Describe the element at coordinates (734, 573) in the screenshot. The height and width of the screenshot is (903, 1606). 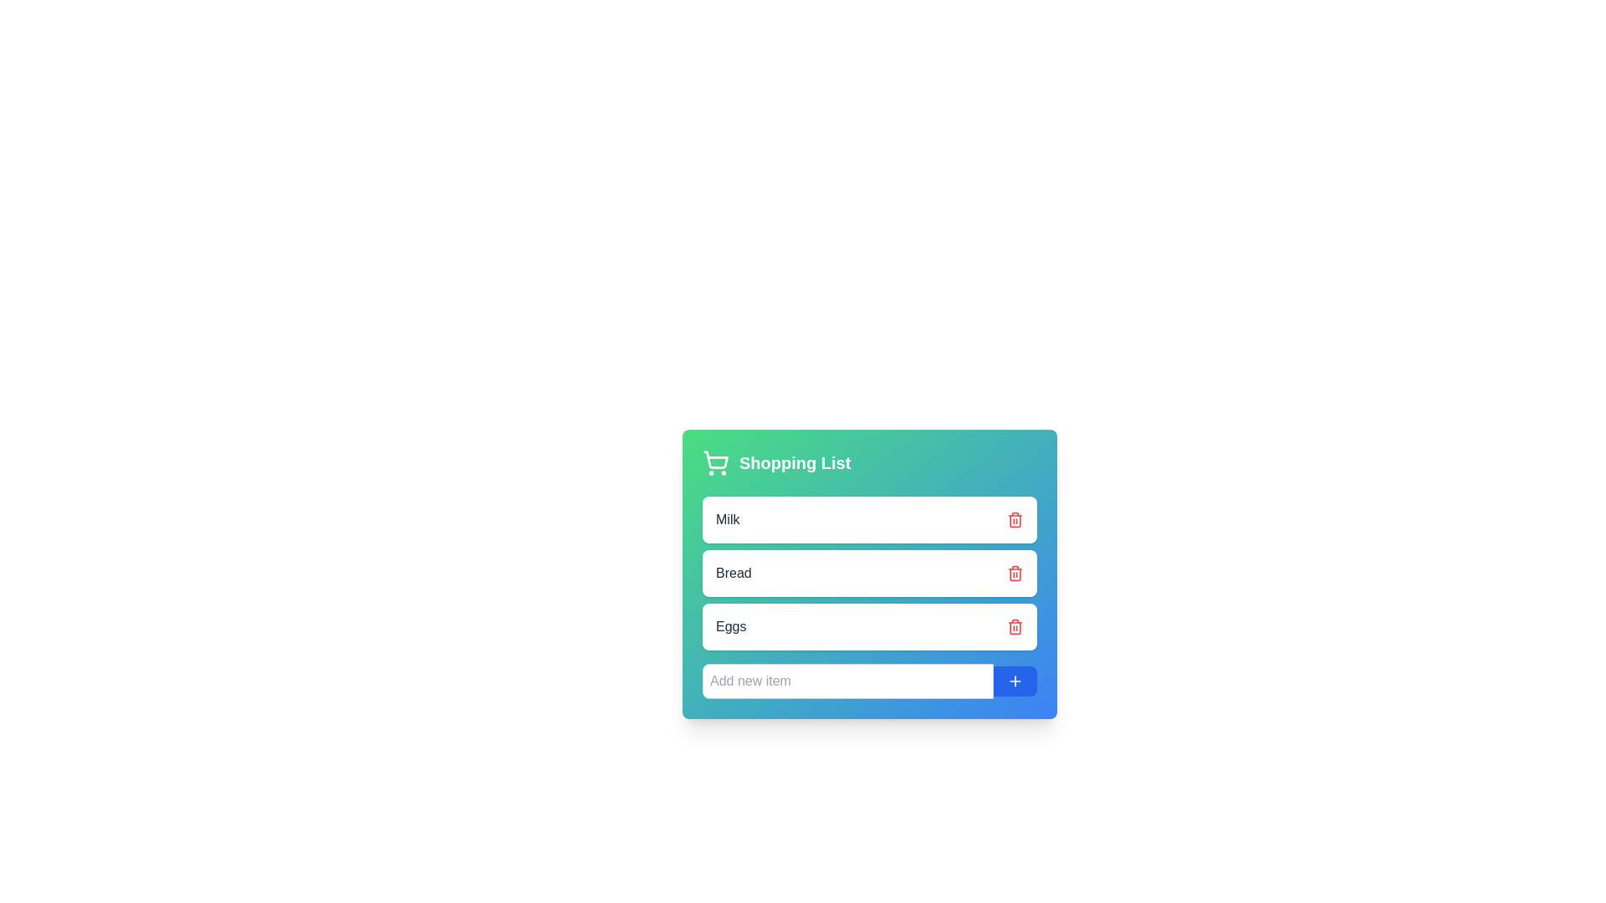
I see `text label that displays 'Bread' in bold gray font, located within the second item of the shopping list card` at that location.